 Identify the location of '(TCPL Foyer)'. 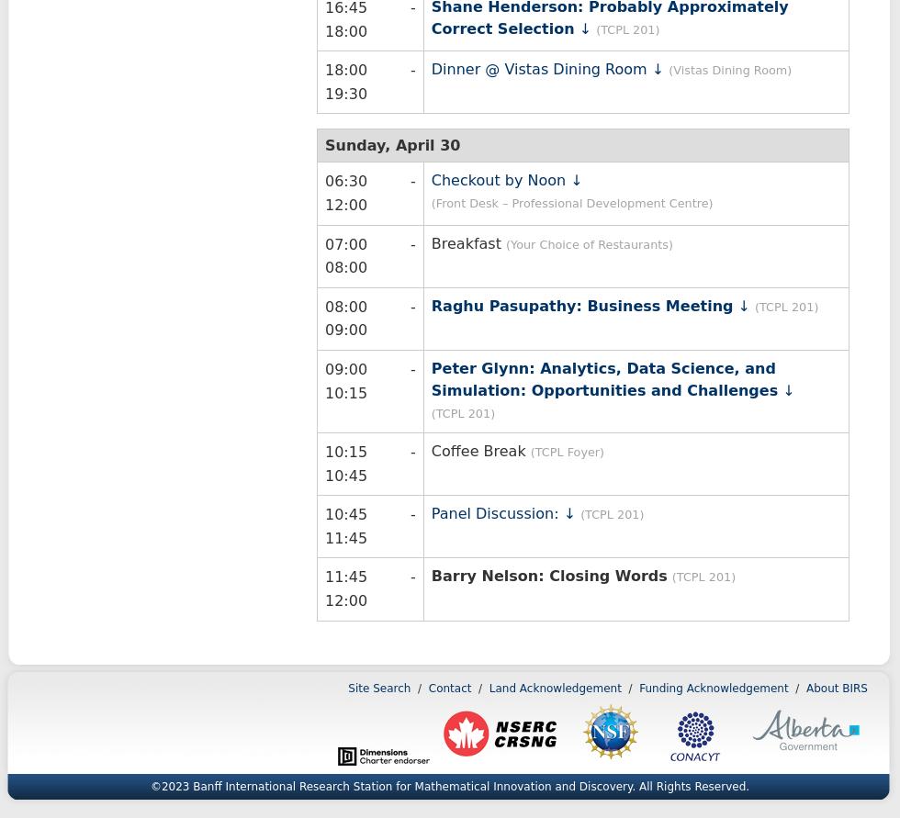
(530, 450).